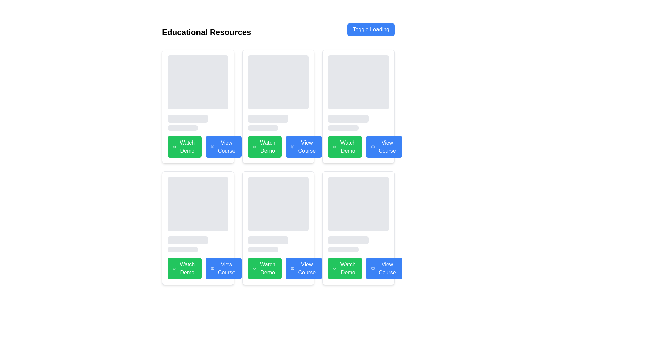 Image resolution: width=646 pixels, height=363 pixels. What do you see at coordinates (384, 268) in the screenshot?
I see `the 'View Course' button with rounded corners and a blue background, which displays the text 'View Course' and a small book icon on the left side` at bounding box center [384, 268].